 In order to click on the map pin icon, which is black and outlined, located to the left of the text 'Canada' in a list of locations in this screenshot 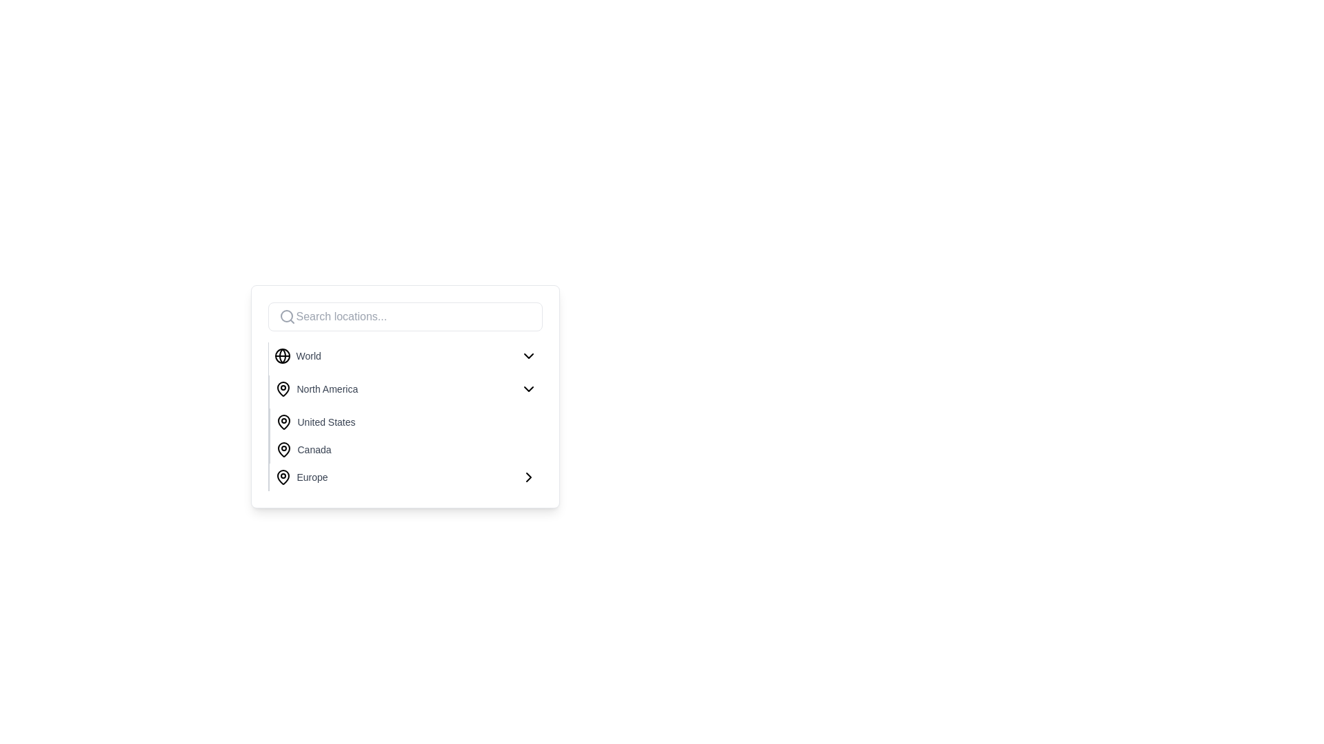, I will do `click(283, 449)`.